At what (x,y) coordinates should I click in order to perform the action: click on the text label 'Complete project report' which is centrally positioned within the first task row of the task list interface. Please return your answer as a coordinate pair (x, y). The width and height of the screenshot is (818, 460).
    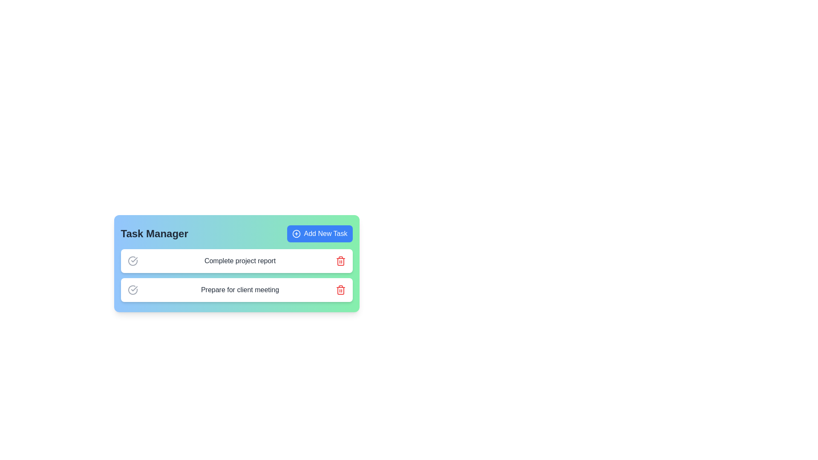
    Looking at the image, I should click on (239, 261).